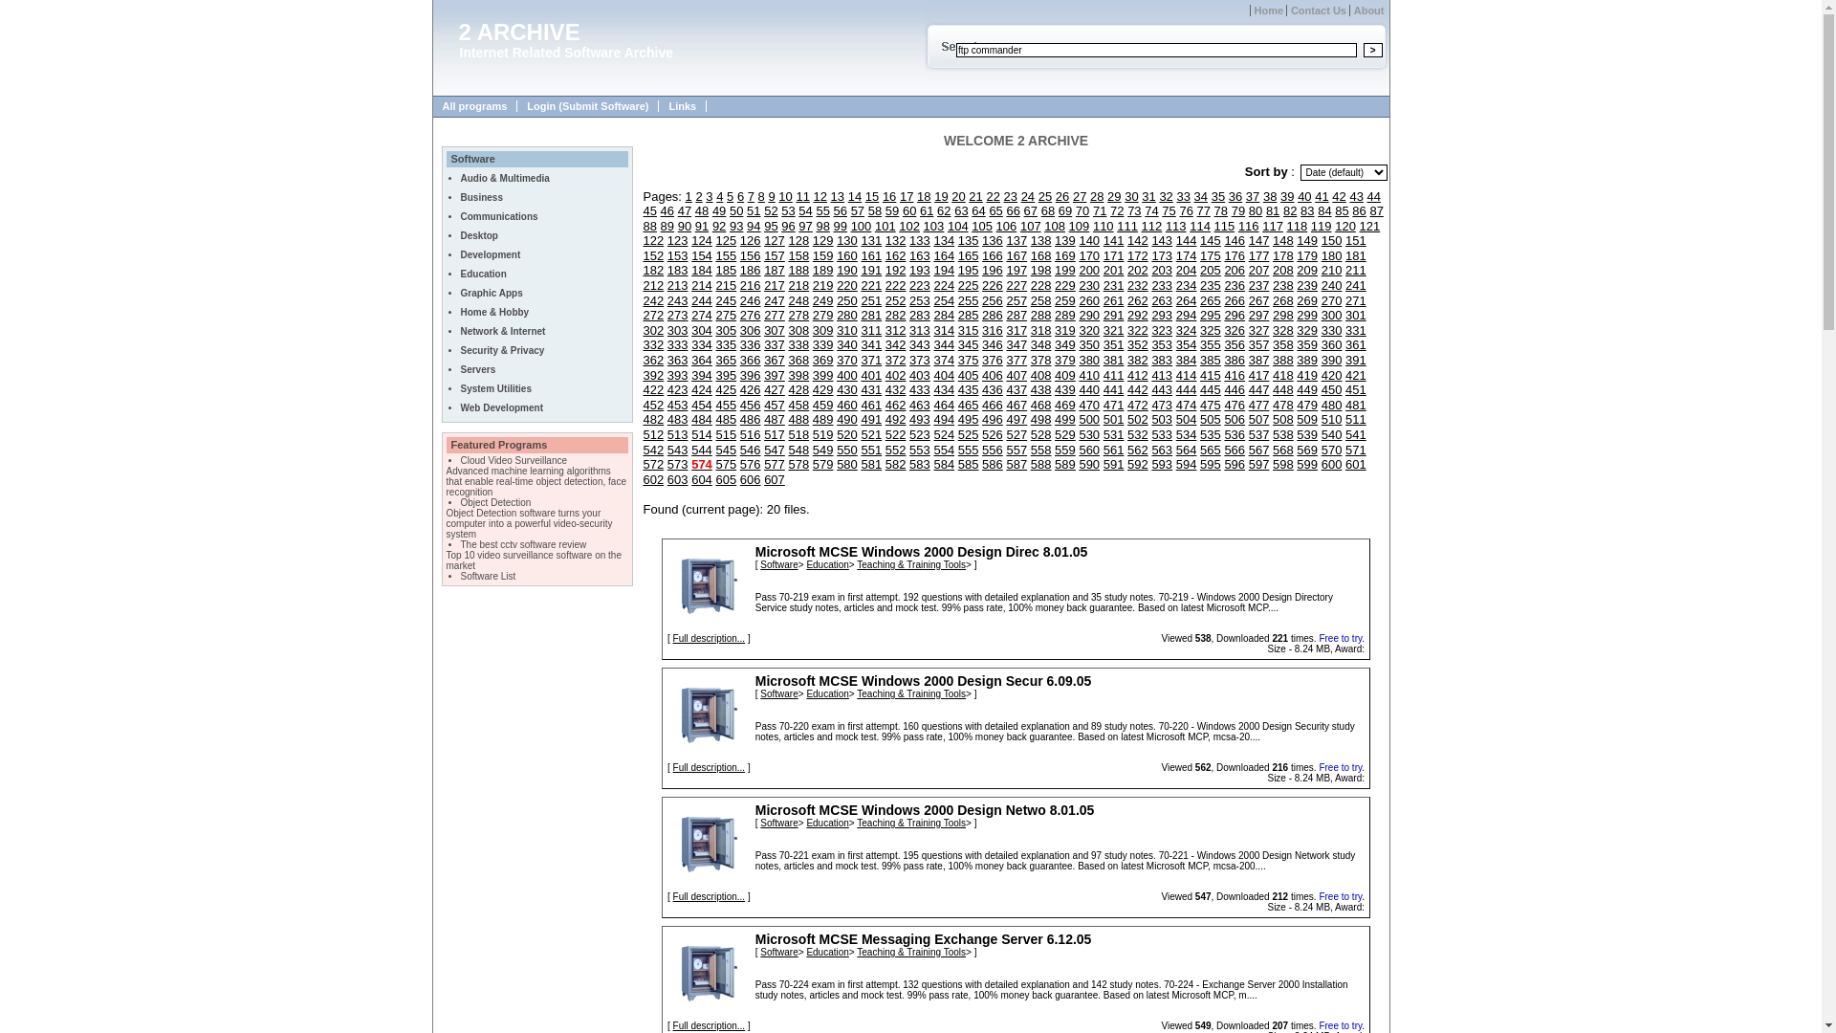  Describe the element at coordinates (775, 329) in the screenshot. I see `'307'` at that location.